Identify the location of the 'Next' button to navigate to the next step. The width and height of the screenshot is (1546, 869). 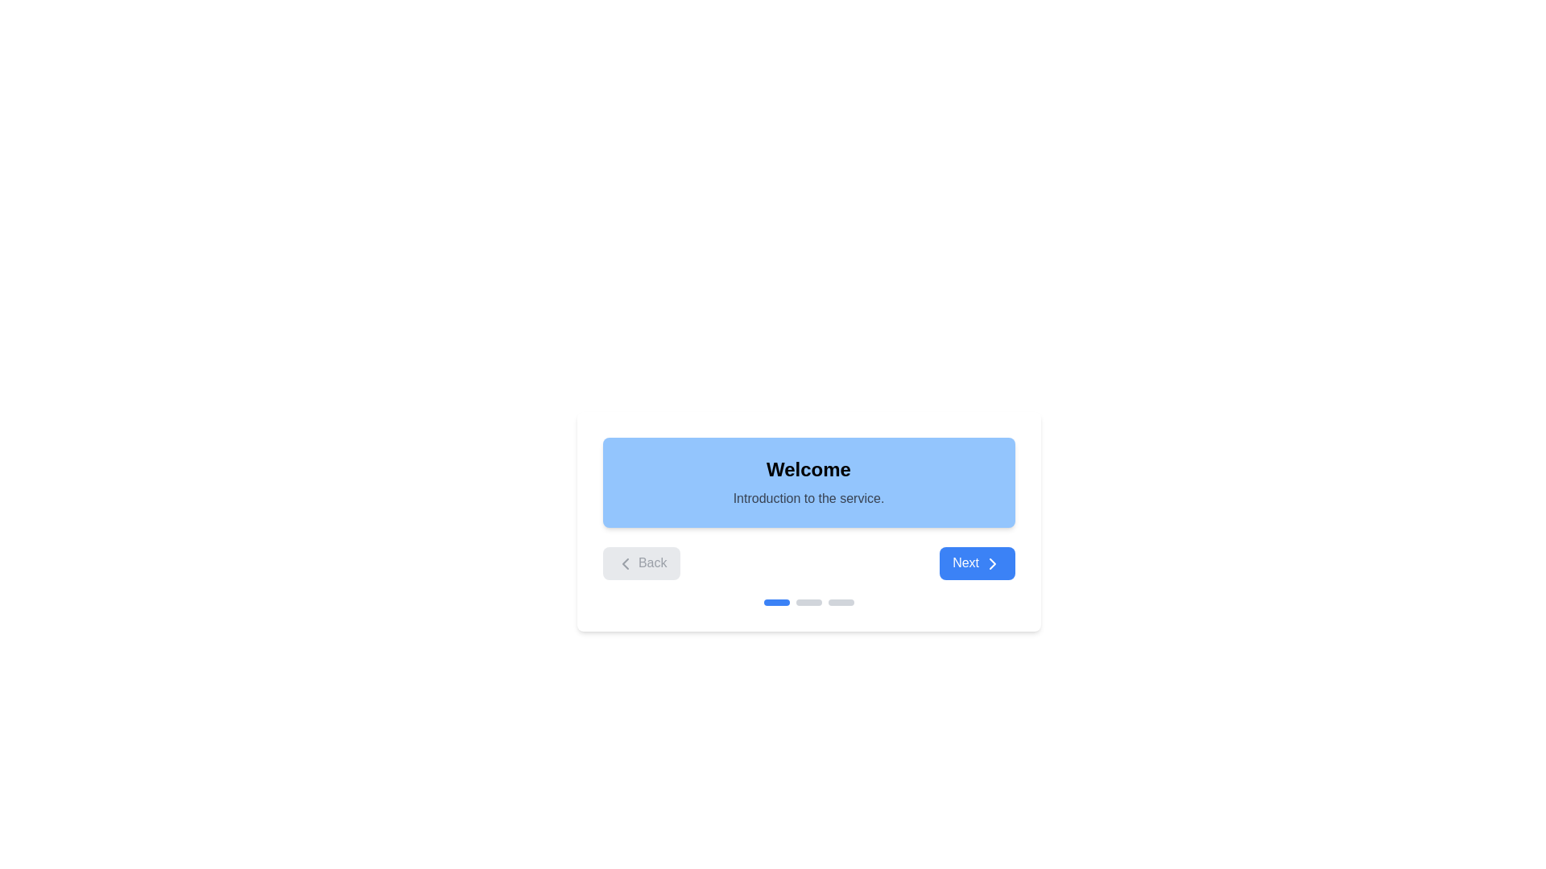
(976, 562).